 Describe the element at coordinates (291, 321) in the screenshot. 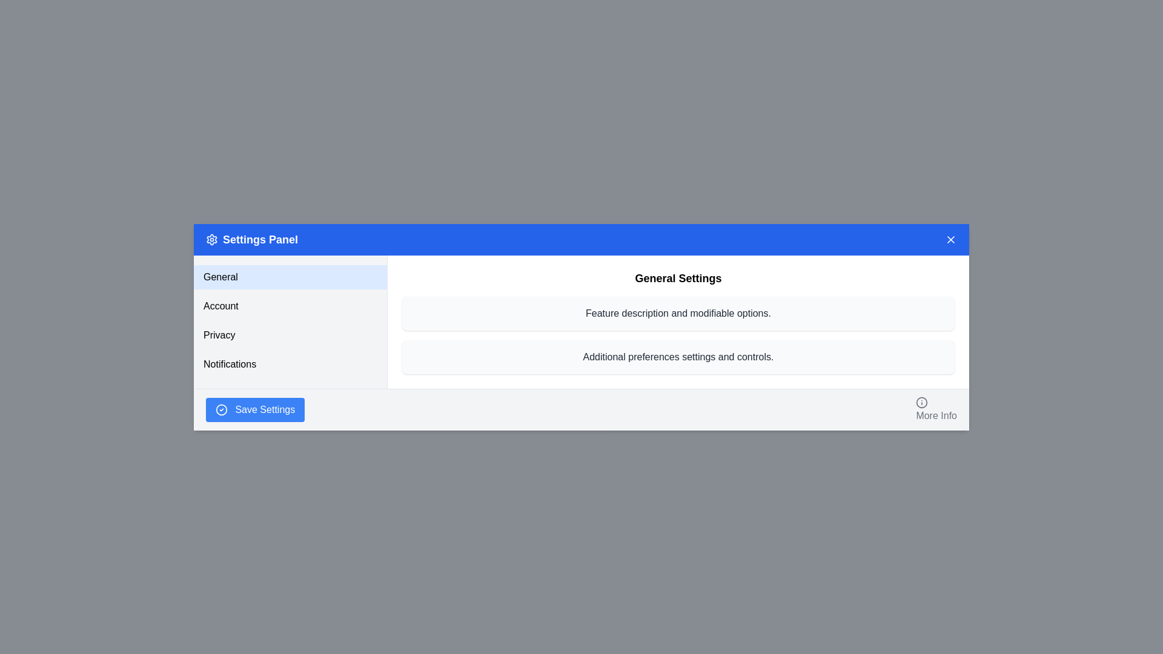

I see `the 'Account' button, which is the second item in the settings menu` at that location.